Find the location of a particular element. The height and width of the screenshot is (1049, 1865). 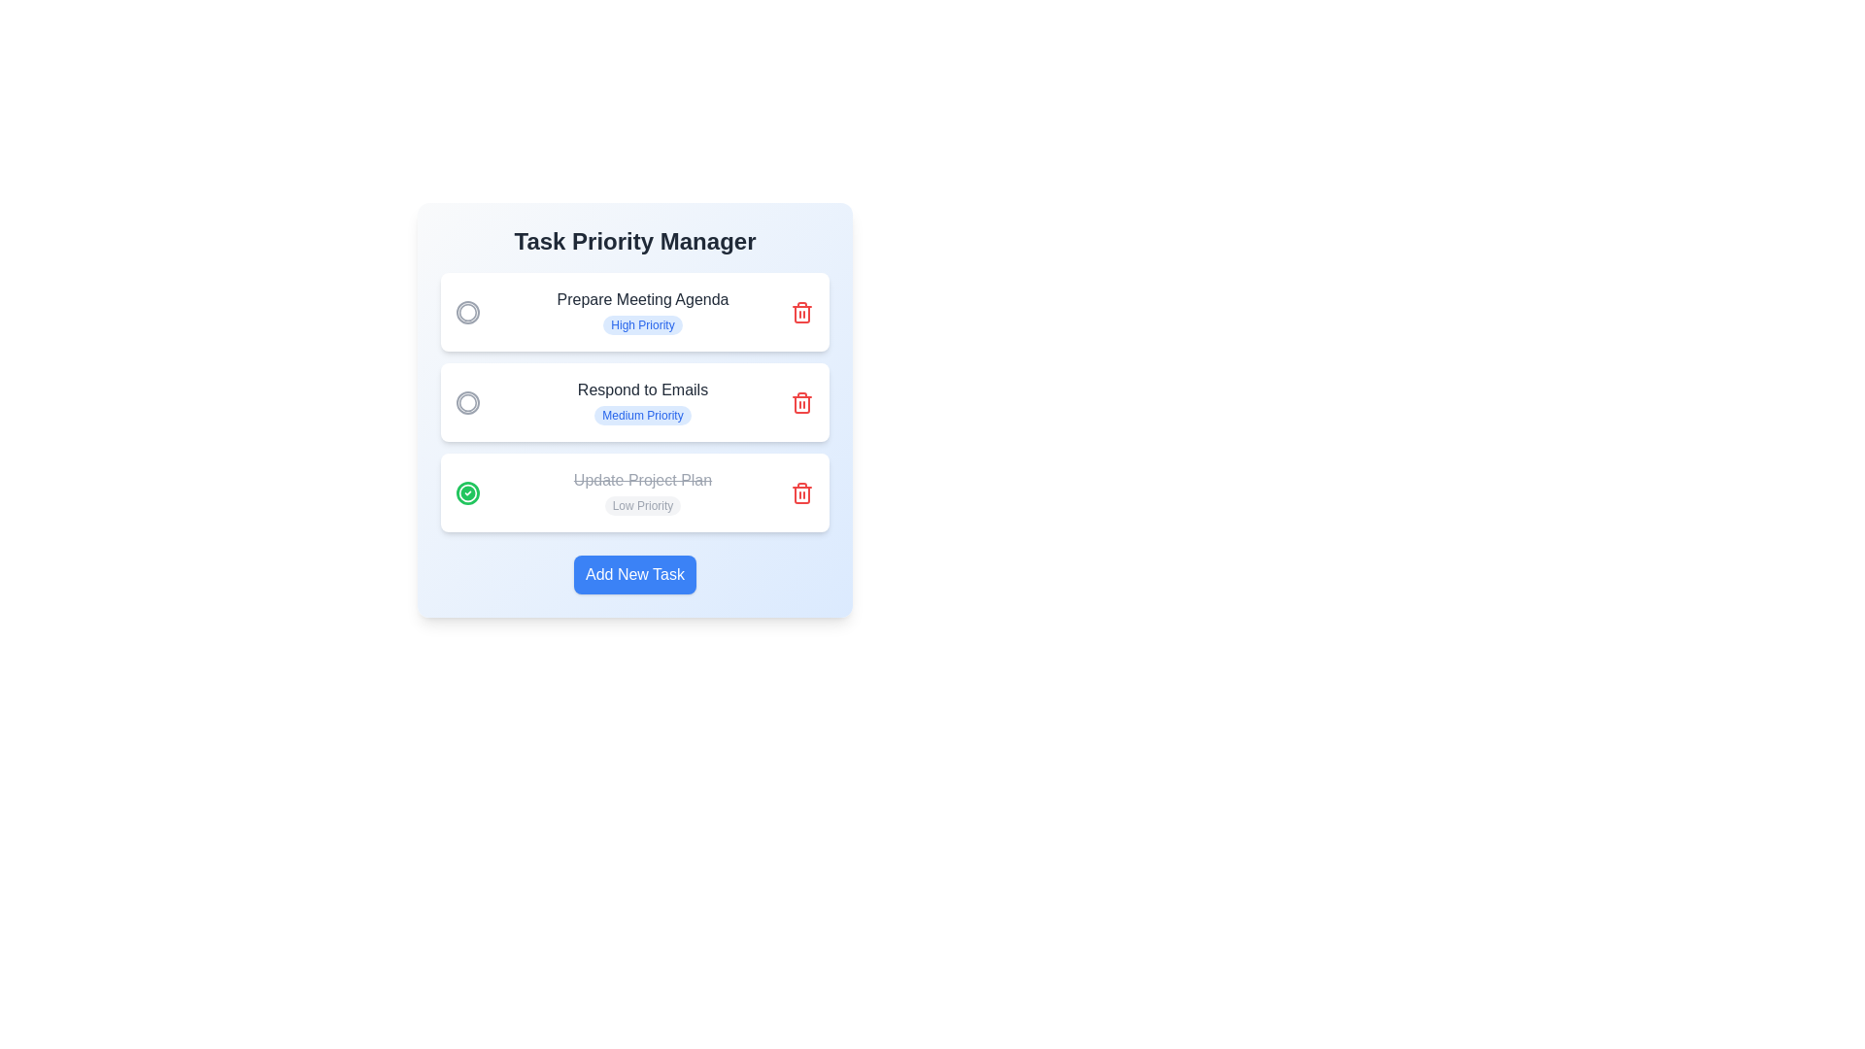

the circular indicator labeled 'Medium Priority' next to 'Respond to Emails' is located at coordinates (467, 311).